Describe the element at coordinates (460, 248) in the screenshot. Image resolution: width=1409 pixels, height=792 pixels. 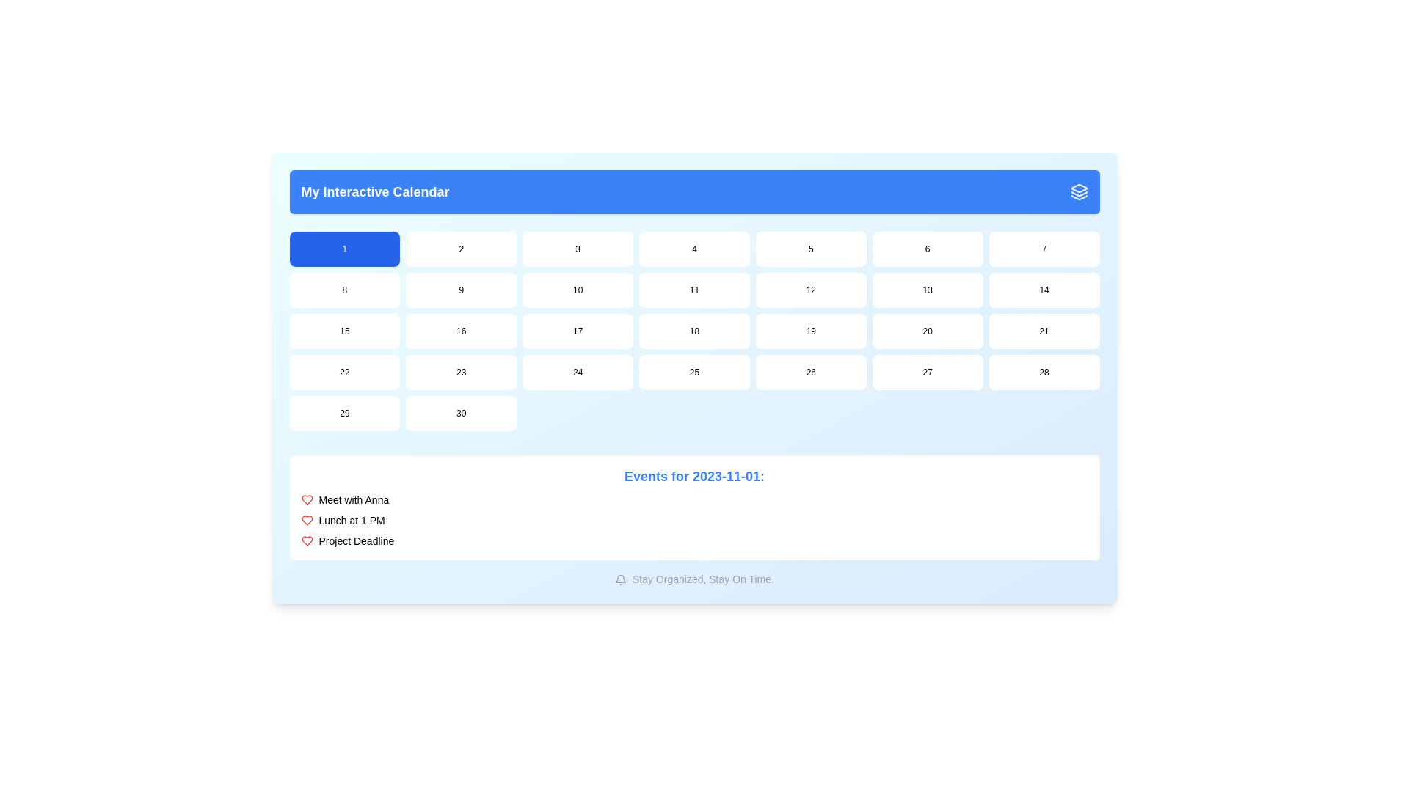
I see `the button displaying the number '2', which is the second button` at that location.